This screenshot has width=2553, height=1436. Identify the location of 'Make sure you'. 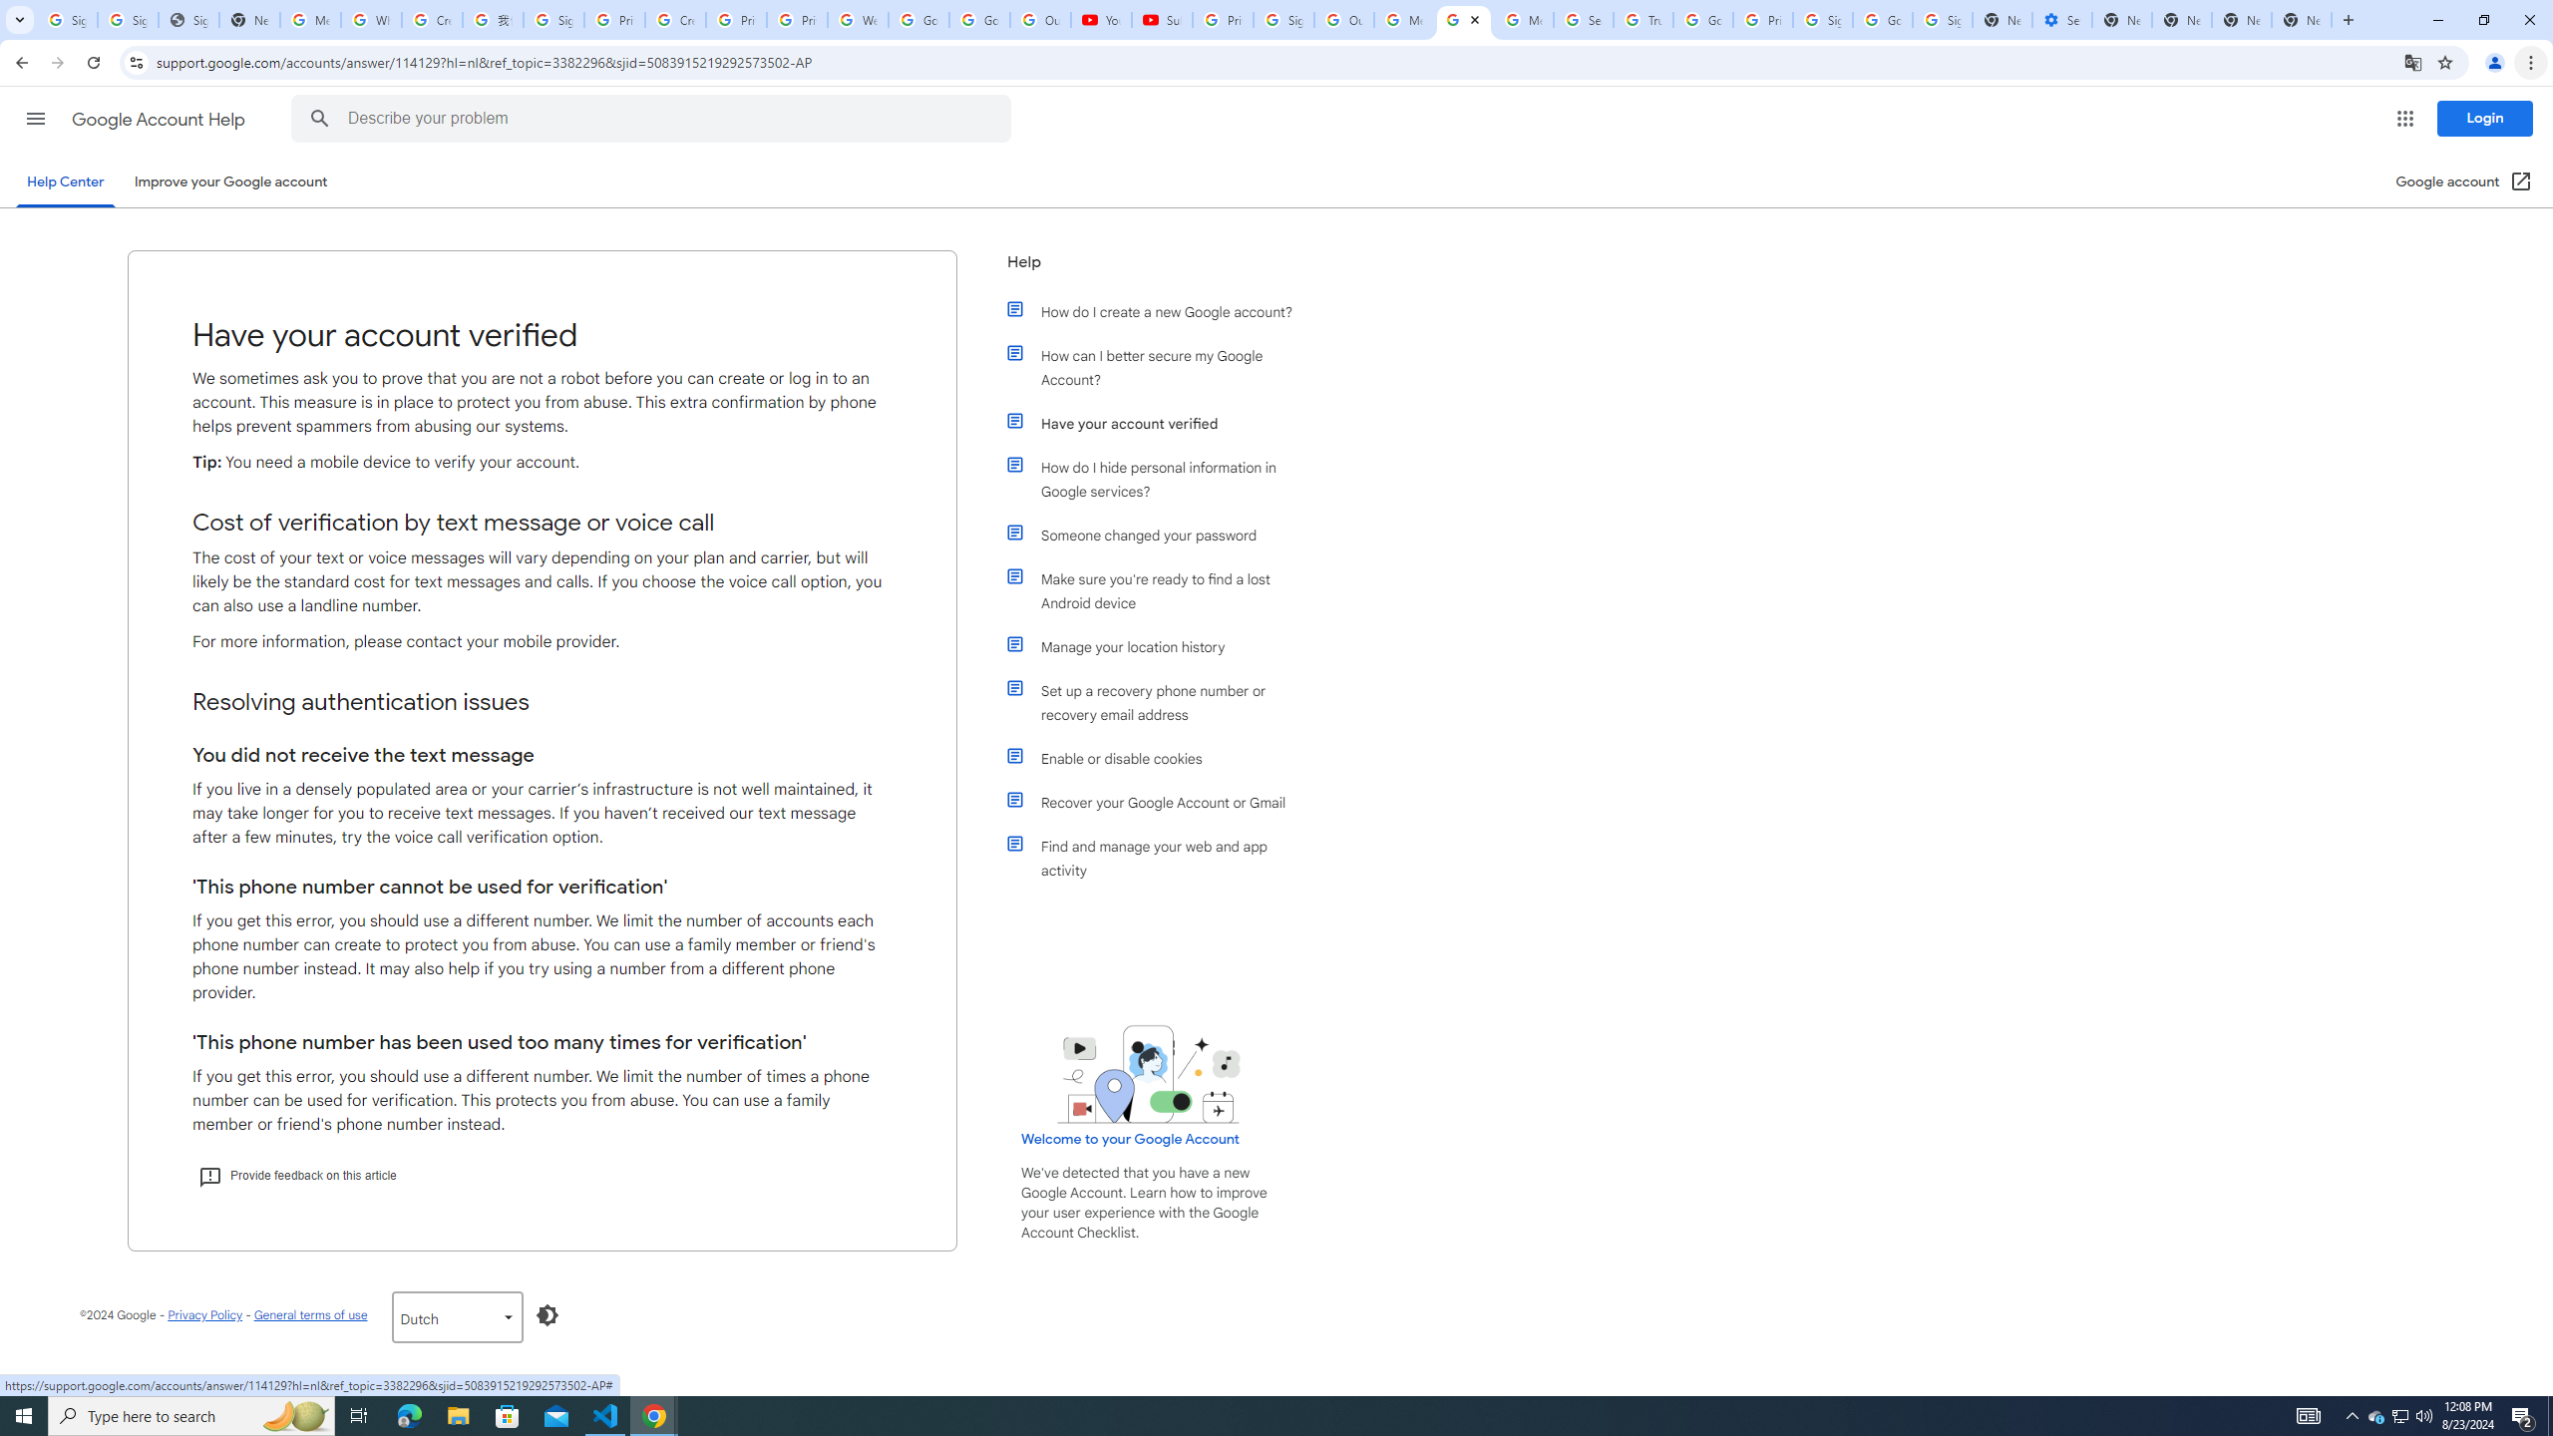
(1159, 589).